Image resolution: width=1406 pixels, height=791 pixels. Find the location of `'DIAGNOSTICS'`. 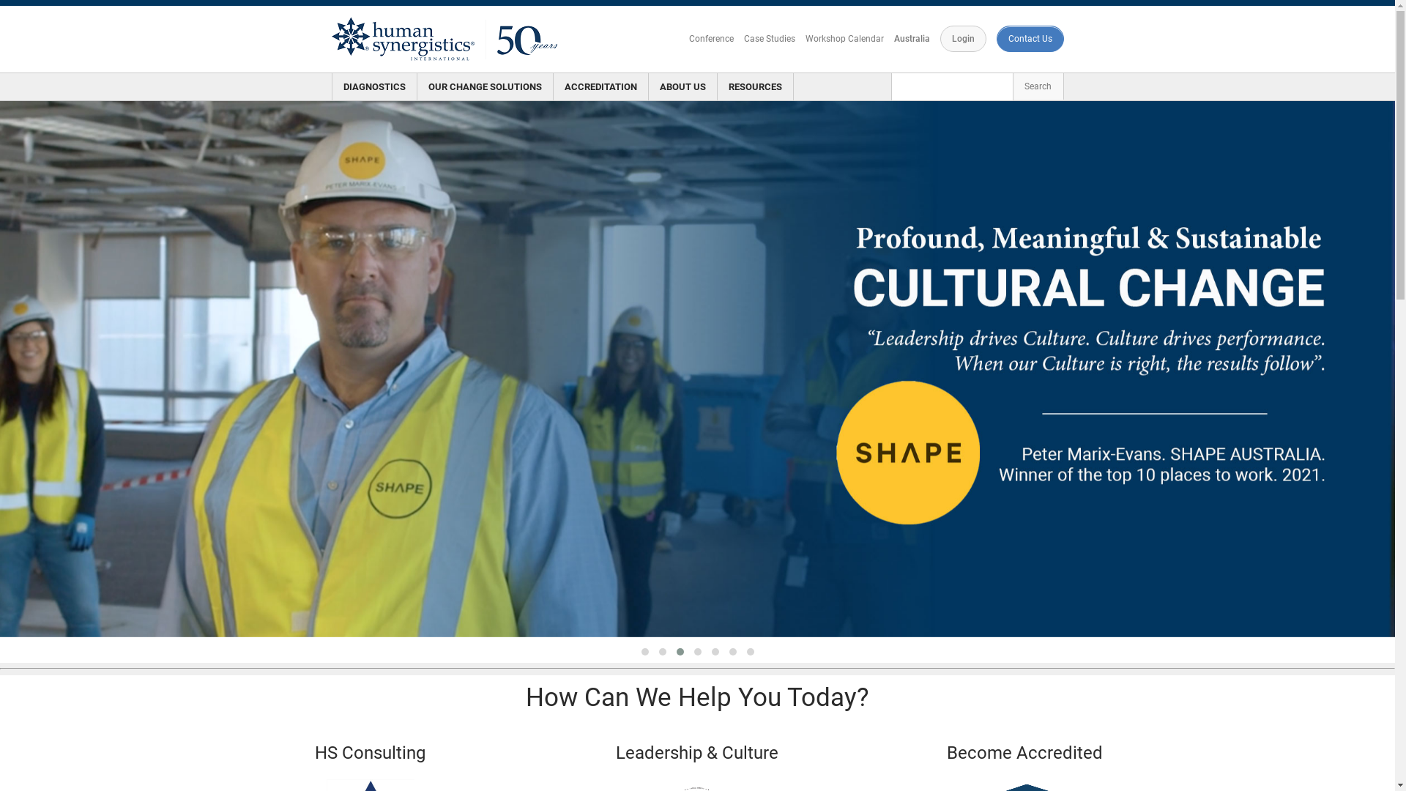

'DIAGNOSTICS' is located at coordinates (374, 86).